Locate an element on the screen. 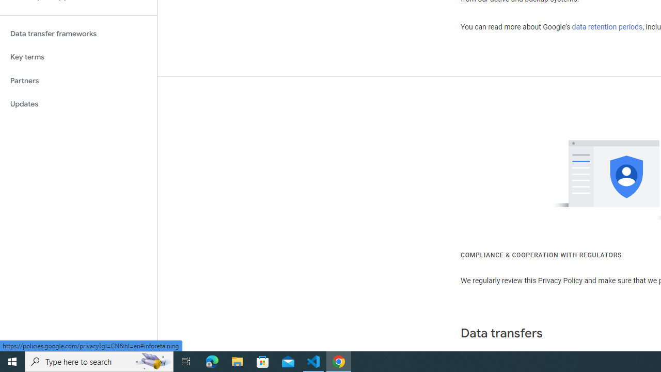 The height and width of the screenshot is (372, 661). 'Key terms' is located at coordinates (78, 57).